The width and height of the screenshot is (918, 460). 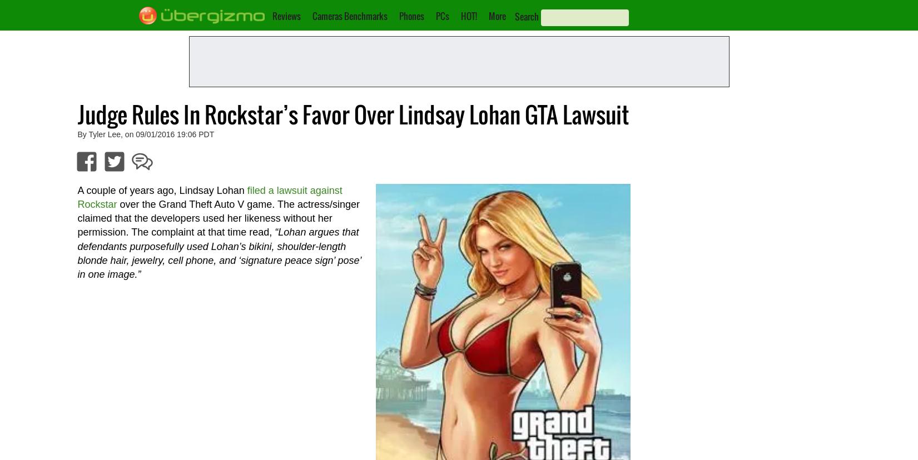 I want to click on 'Reviews', so click(x=286, y=16).